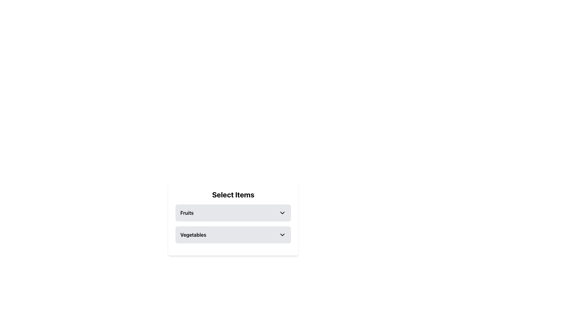  Describe the element at coordinates (193, 235) in the screenshot. I see `the 'Vegetables' text label which is bold and part of the secondary selection panel beneath 'Fruits'` at that location.